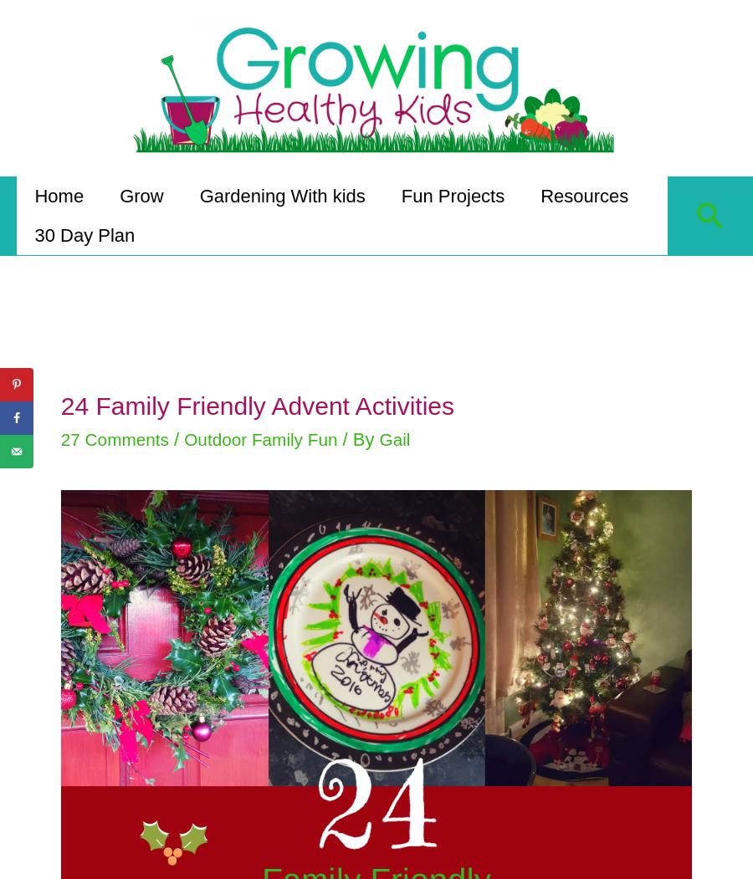 This screenshot has height=879, width=753. Describe the element at coordinates (353, 428) in the screenshot. I see `'/ By'` at that location.